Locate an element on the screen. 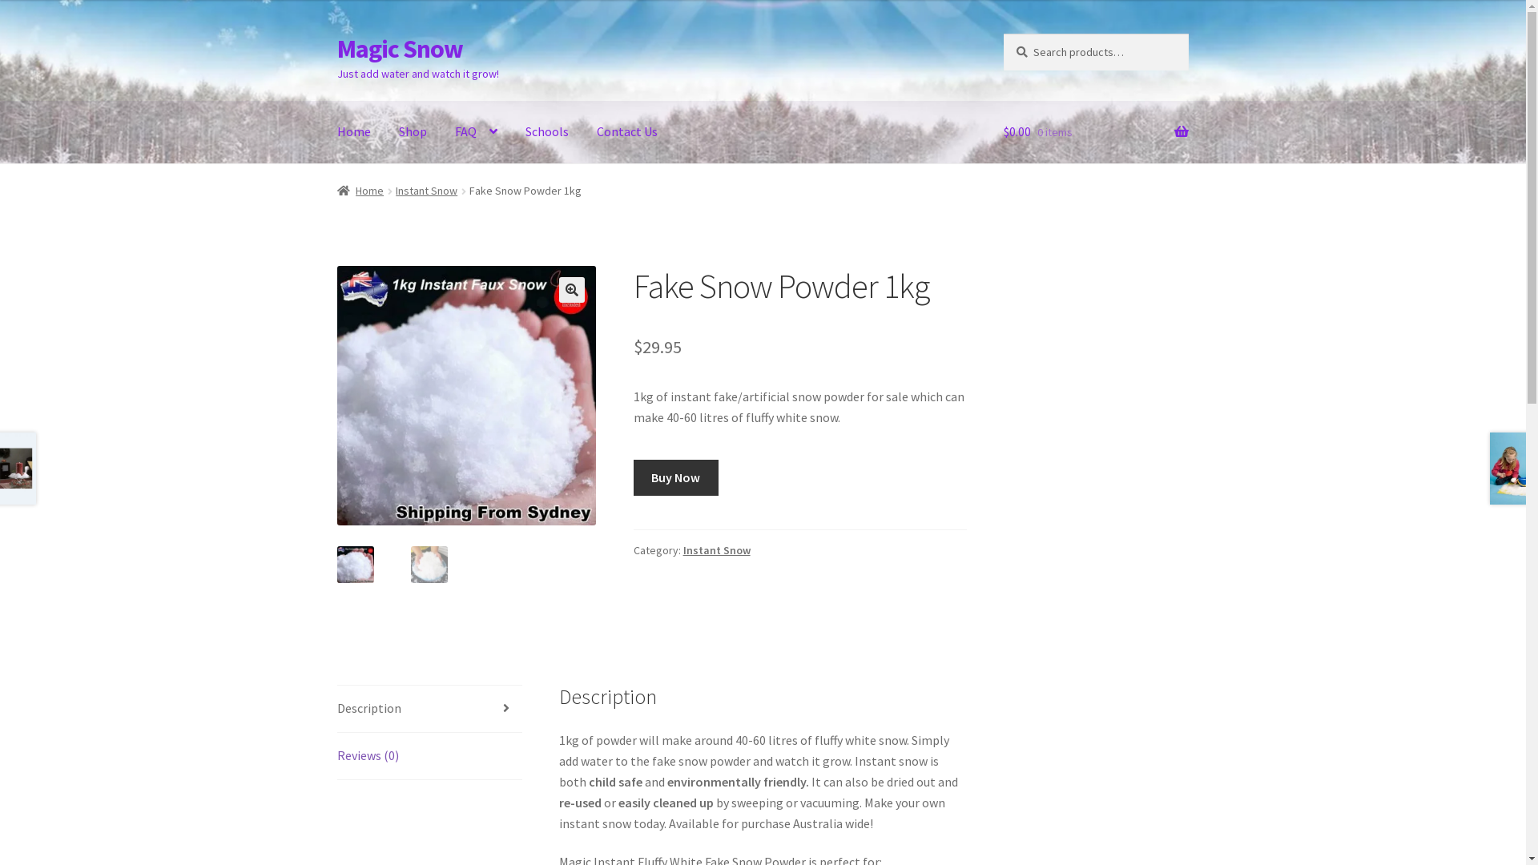 The image size is (1538, 865). 'Schools' is located at coordinates (546, 131).